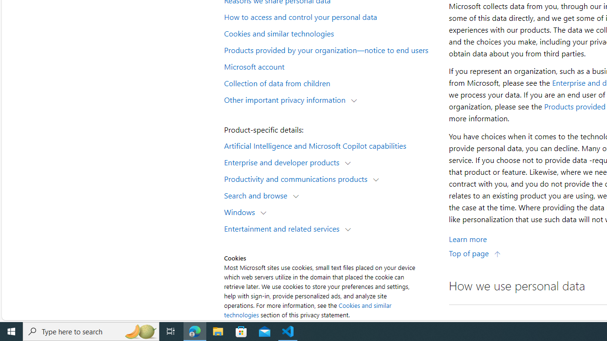 This screenshot has height=341, width=607. I want to click on 'Windows', so click(242, 211).